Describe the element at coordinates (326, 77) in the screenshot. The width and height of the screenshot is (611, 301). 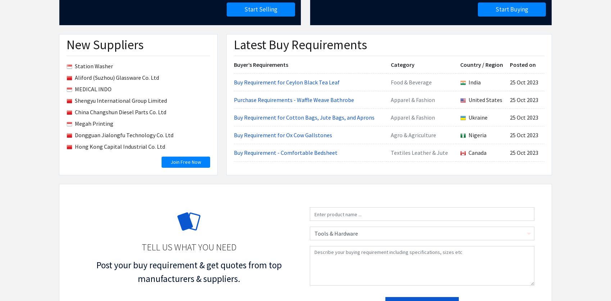
I see `'List of Products'` at that location.